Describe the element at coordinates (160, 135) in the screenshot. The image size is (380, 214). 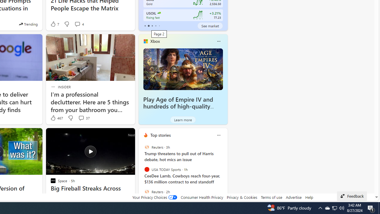
I see `'Top stories'` at that location.